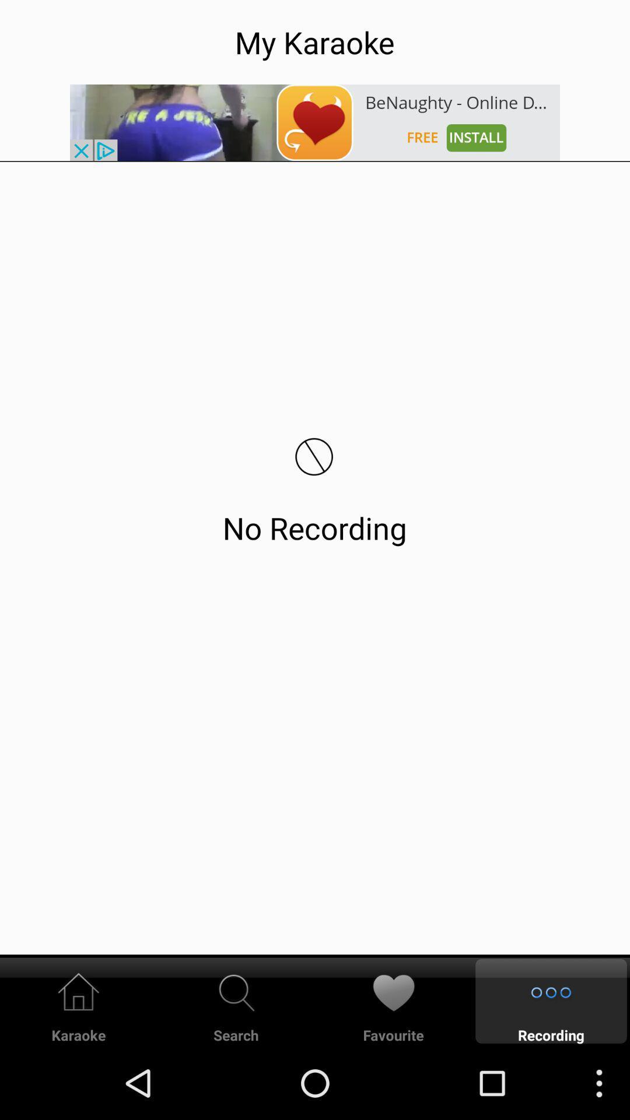 The height and width of the screenshot is (1120, 630). I want to click on advertising partner, so click(315, 123).